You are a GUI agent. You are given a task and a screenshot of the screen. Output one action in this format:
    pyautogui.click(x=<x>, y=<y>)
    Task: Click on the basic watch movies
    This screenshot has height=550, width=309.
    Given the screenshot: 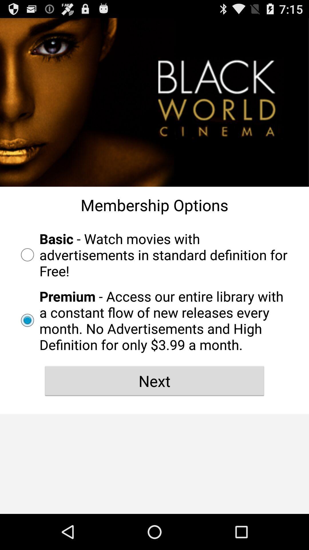 What is the action you would take?
    pyautogui.click(x=154, y=254)
    